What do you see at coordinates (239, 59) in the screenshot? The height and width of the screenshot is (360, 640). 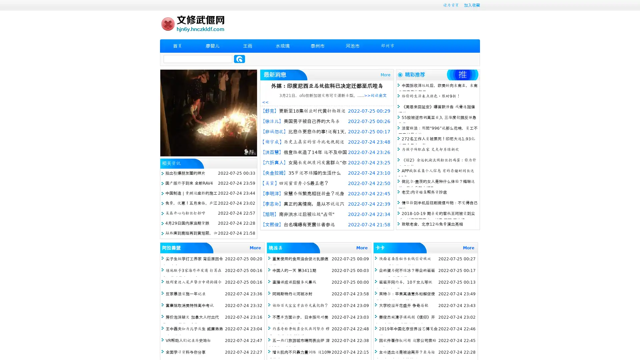 I see `Search` at bounding box center [239, 59].